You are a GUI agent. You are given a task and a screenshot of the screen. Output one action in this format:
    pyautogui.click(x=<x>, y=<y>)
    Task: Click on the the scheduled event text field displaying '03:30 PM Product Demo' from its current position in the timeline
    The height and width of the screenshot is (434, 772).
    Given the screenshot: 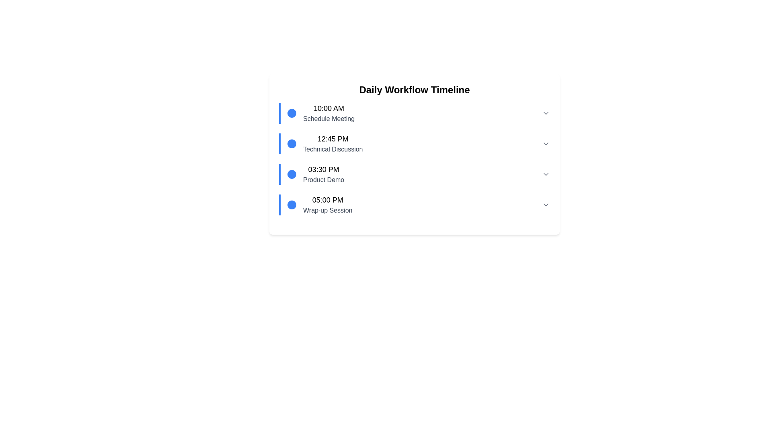 What is the action you would take?
    pyautogui.click(x=324, y=174)
    